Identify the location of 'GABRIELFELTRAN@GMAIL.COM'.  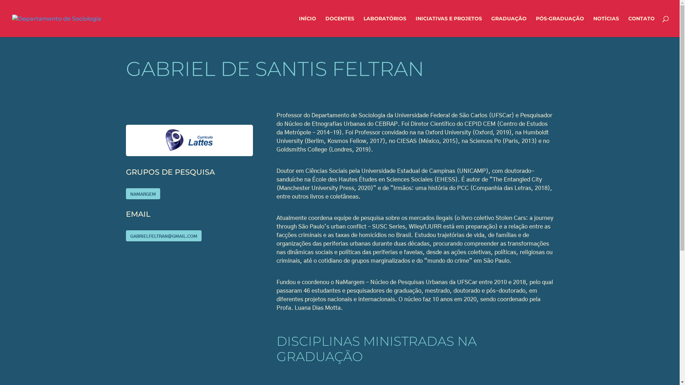
(163, 236).